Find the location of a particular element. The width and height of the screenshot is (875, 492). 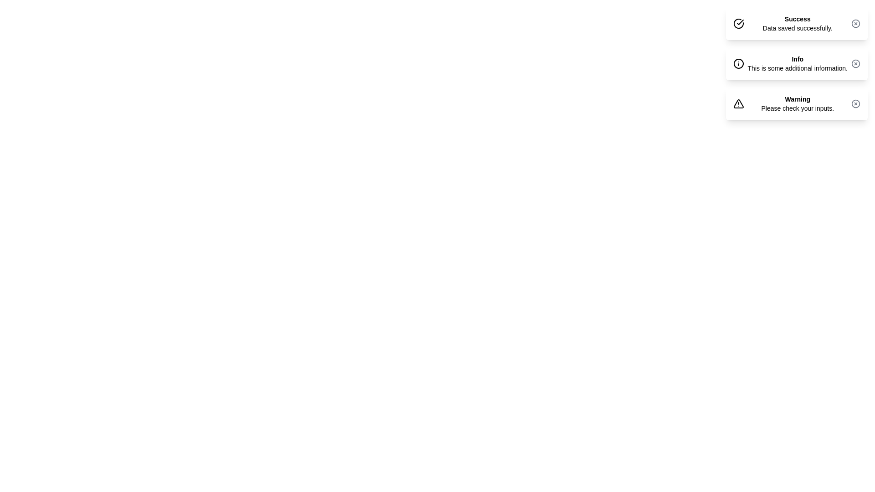

the success icon located in the first row of the notification drawer, positioned to the left of the 'Success: Data saved successfully' text is located at coordinates (738, 23).